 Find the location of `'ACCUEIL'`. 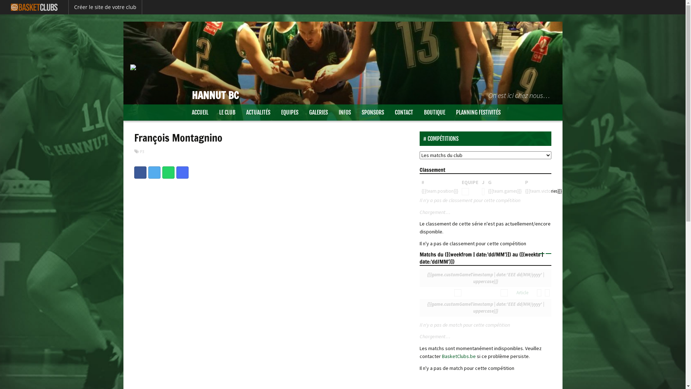

'ACCUEIL' is located at coordinates (200, 112).